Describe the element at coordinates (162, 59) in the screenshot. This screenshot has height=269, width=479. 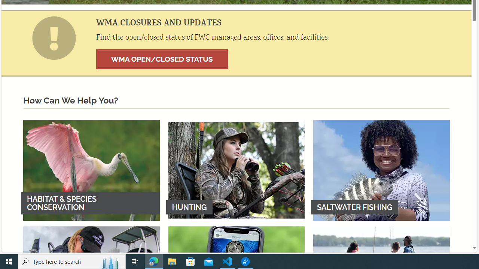
I see `'WMA OPEN/CLOSED STATUS'` at that location.